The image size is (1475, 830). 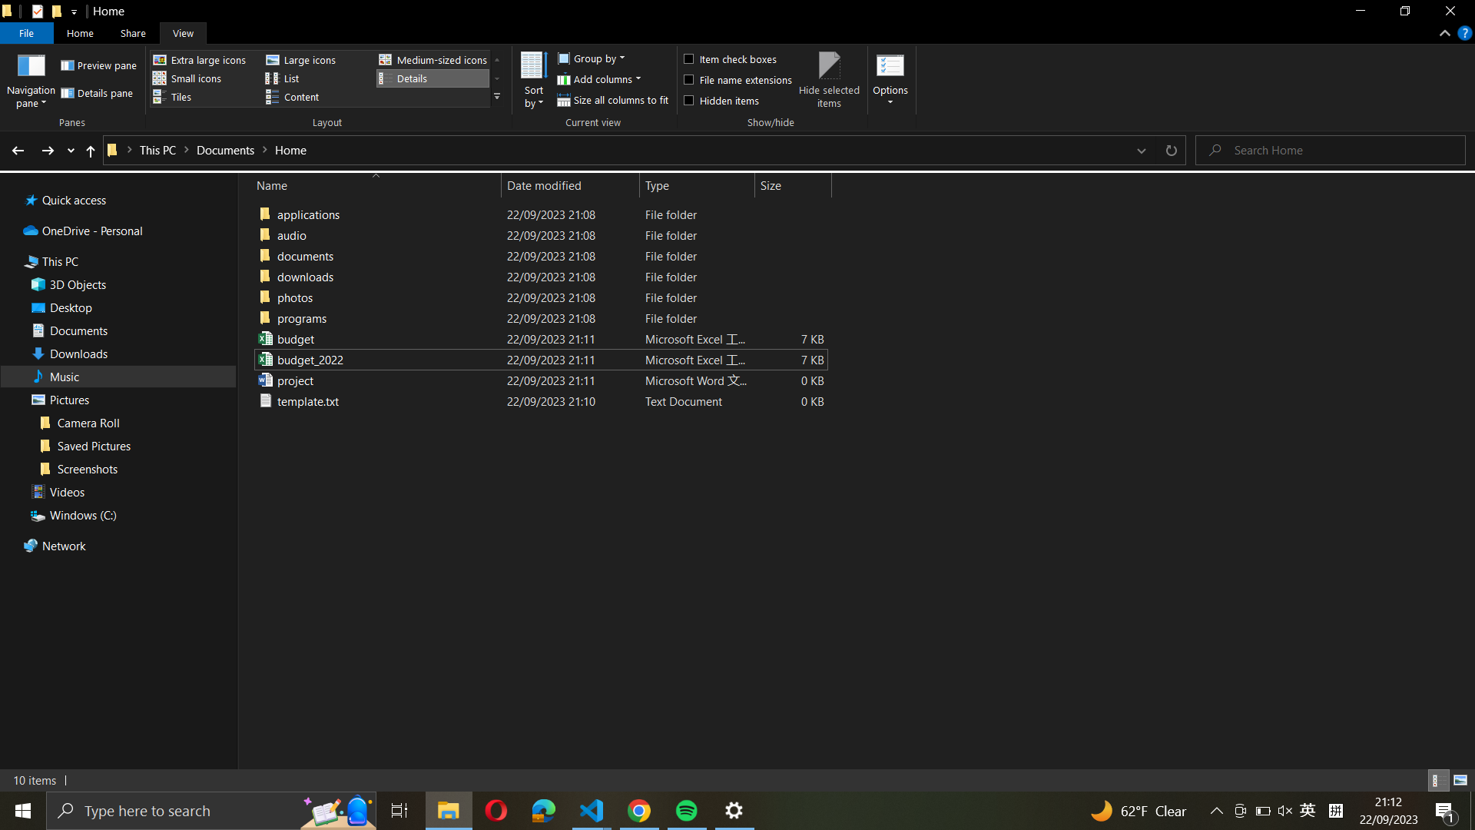 I want to click on Reposition the "template.txt" file to the "downloads" folder within this directory by dragging the file, so click(x=538, y=399).